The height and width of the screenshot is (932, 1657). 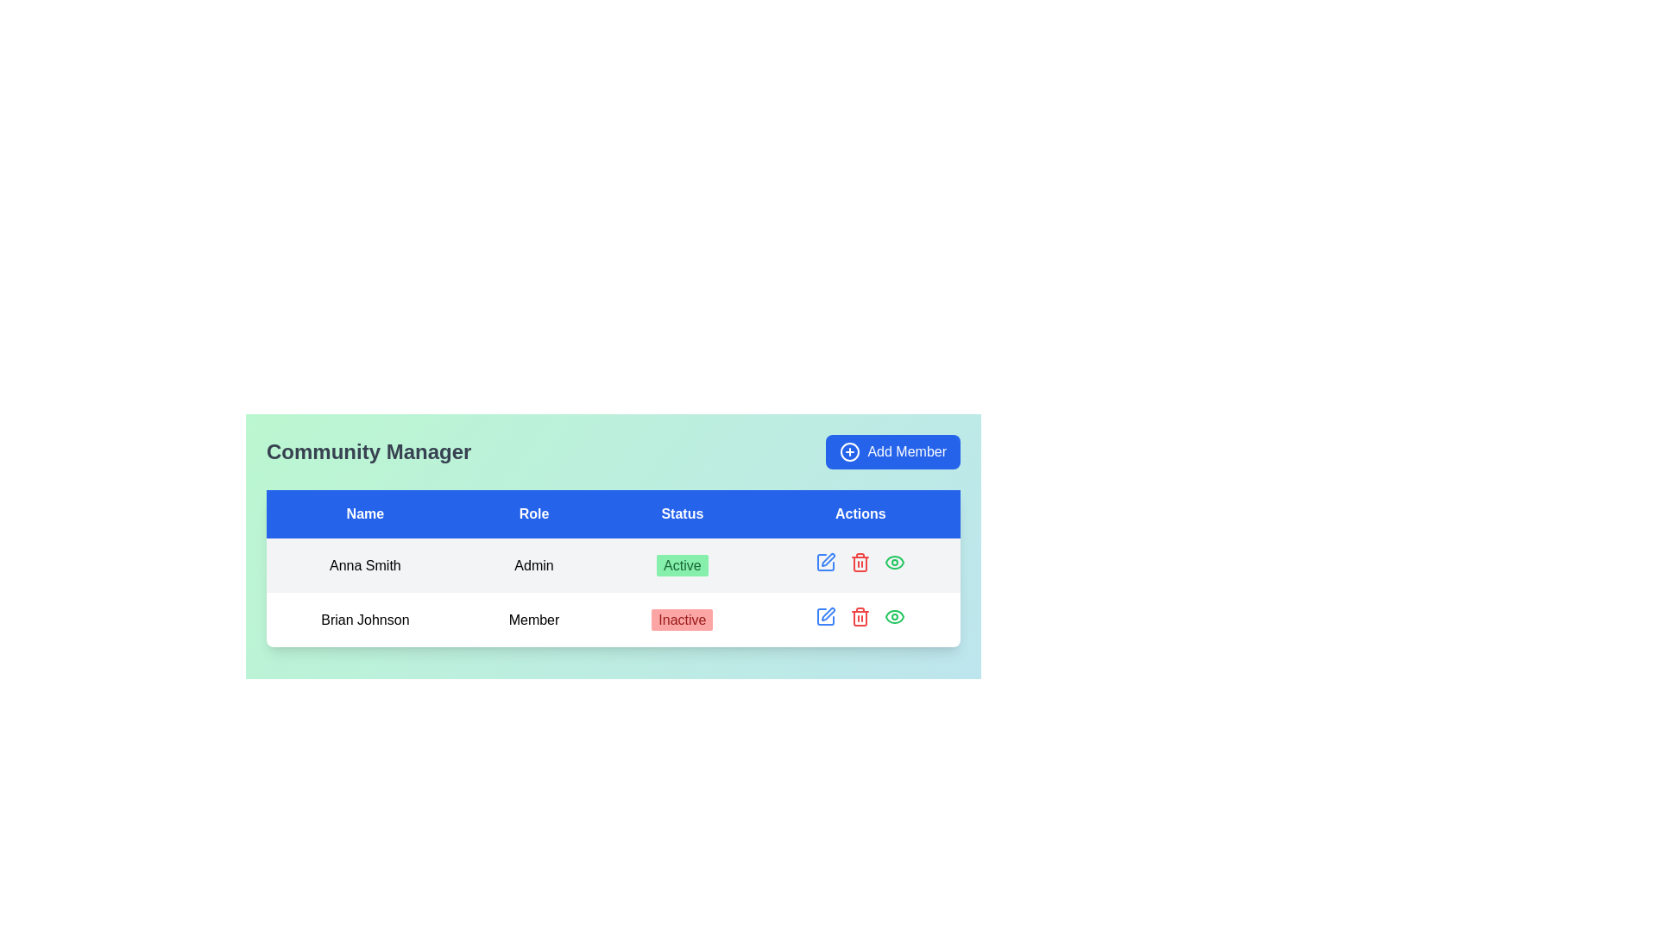 What do you see at coordinates (824, 562) in the screenshot?
I see `the edit icon button located in the top-right portion of the first row under the 'Actions' column to initiate the edit functionality` at bounding box center [824, 562].